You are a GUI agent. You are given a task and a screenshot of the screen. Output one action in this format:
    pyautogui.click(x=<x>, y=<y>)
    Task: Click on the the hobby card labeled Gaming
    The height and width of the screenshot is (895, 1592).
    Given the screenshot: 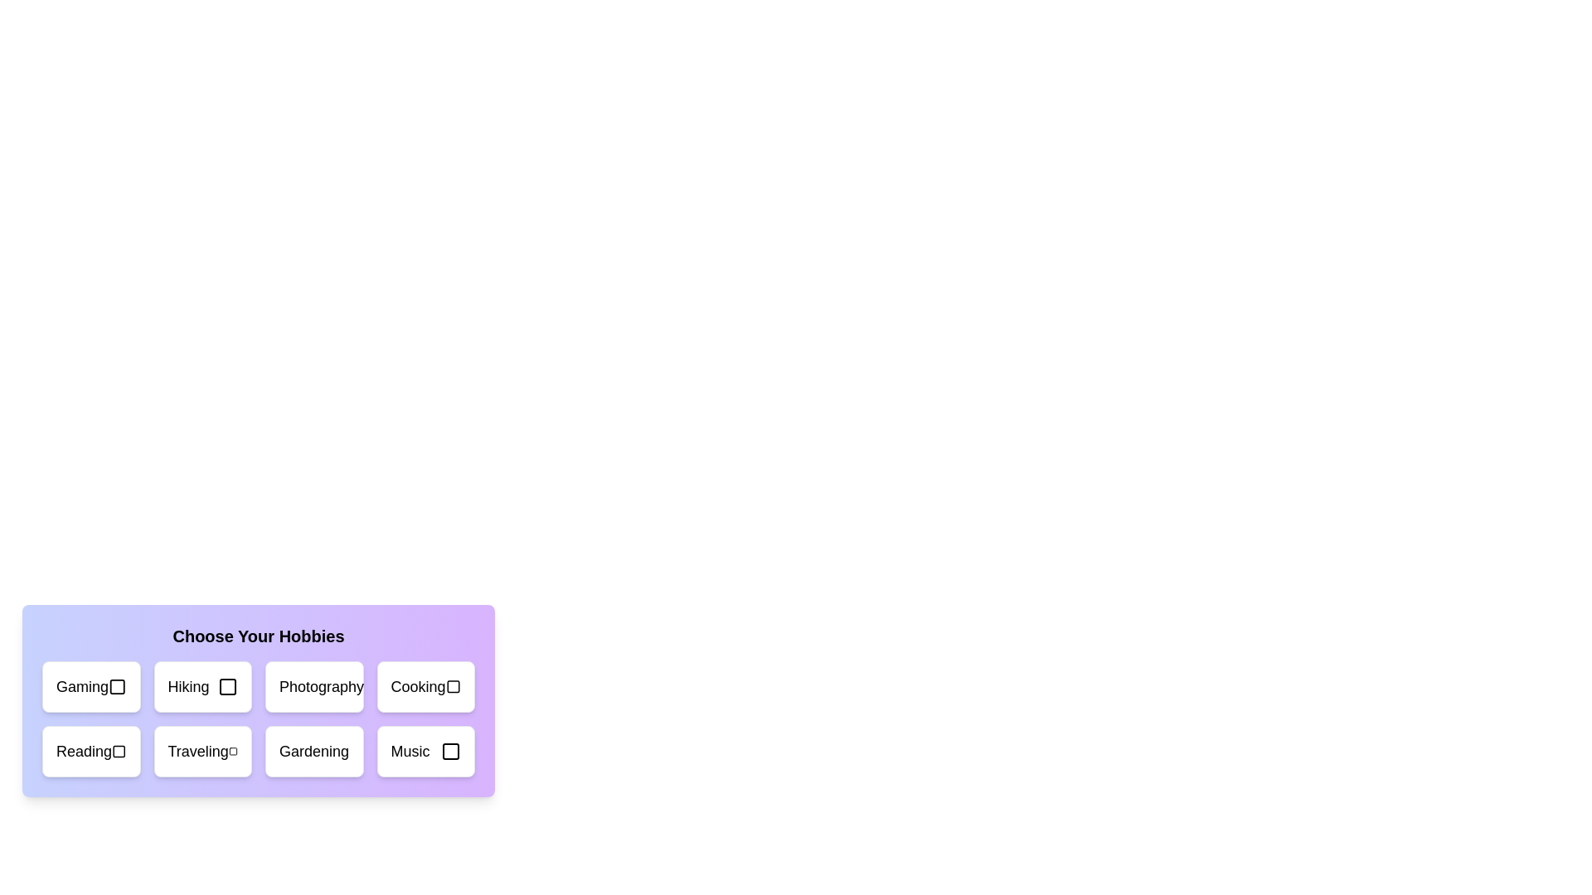 What is the action you would take?
    pyautogui.click(x=90, y=687)
    